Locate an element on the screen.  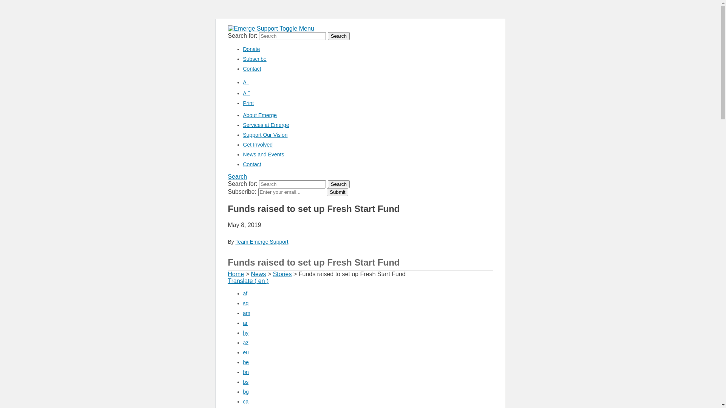
'News and Events' is located at coordinates (263, 154).